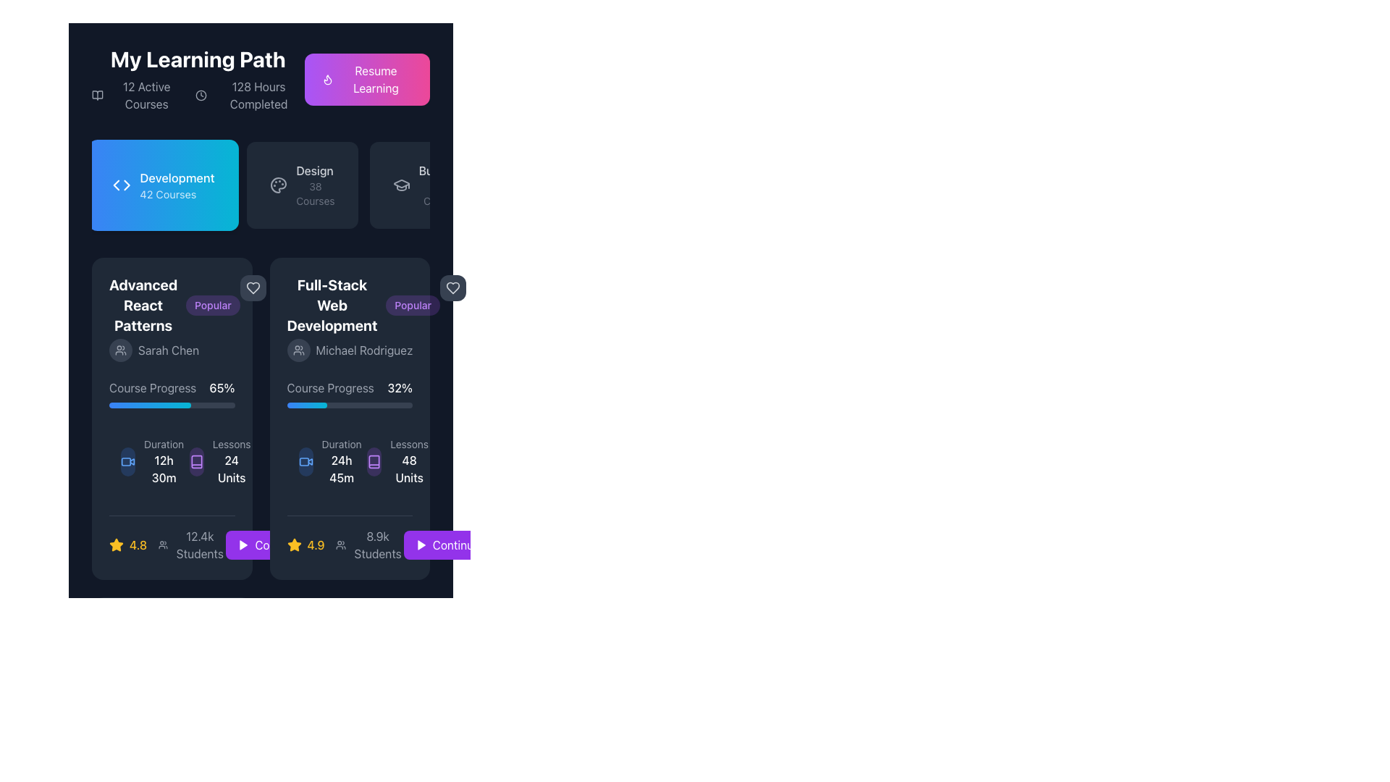 This screenshot has height=782, width=1390. I want to click on the 'Continue' text label within the purple button at the bottom right of the 'Full-Stack Web Development' card, so click(455, 545).